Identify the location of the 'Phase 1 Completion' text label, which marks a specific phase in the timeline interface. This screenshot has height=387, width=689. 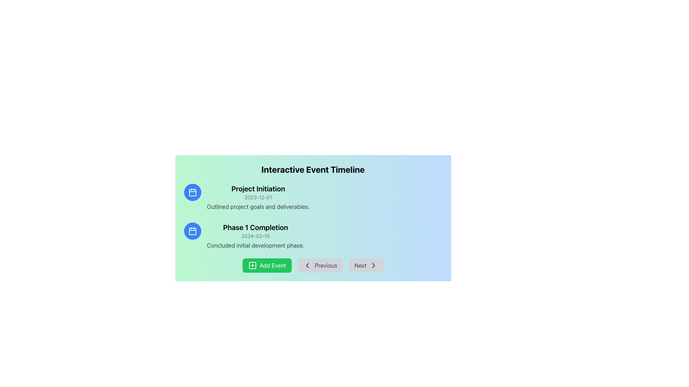
(256, 228).